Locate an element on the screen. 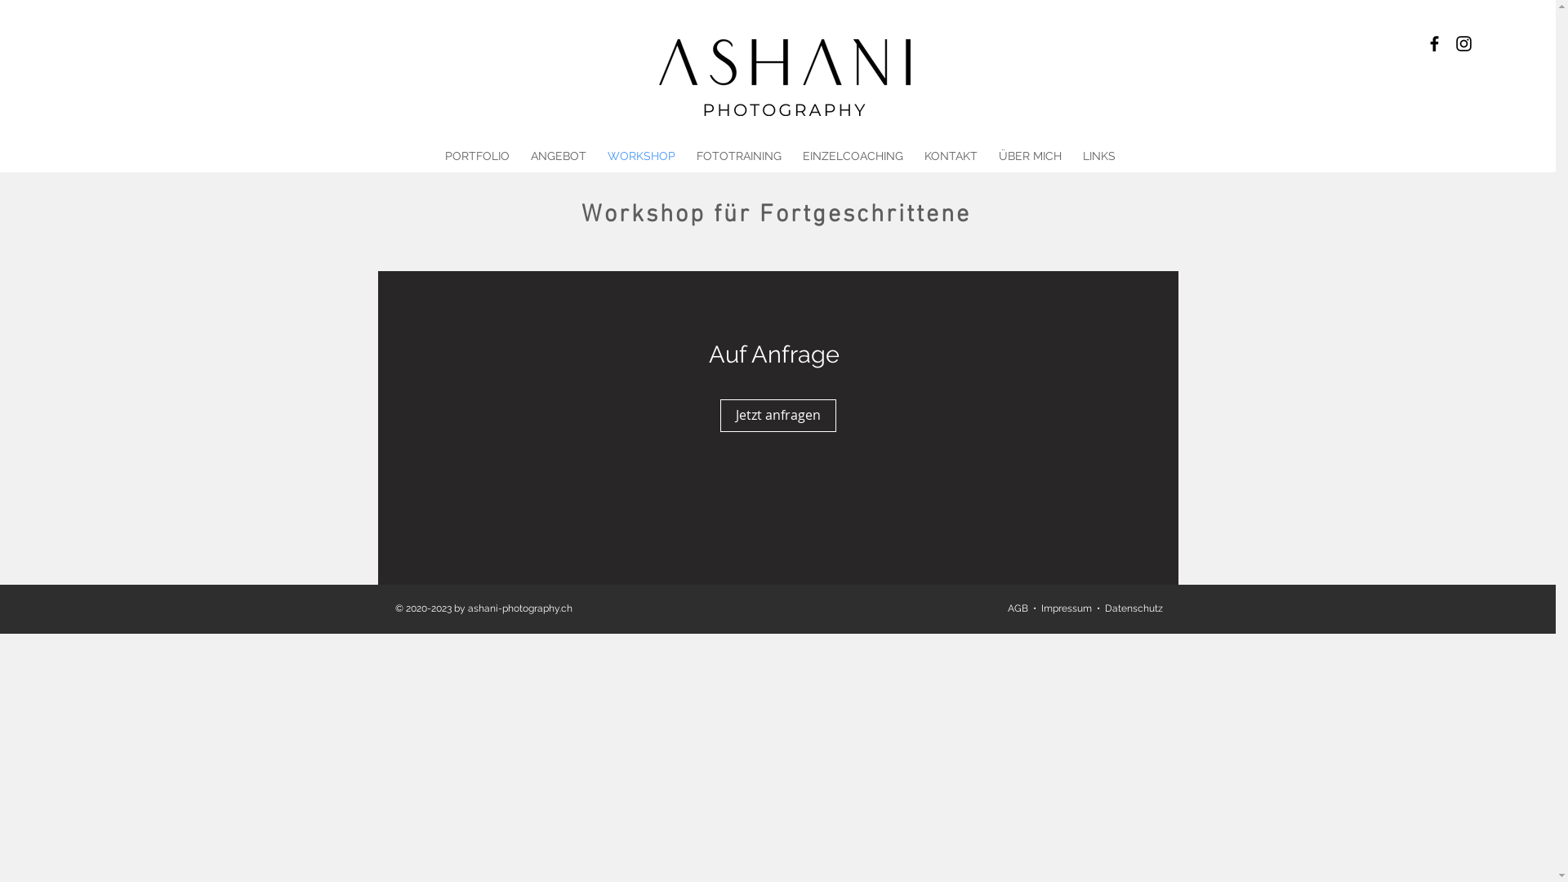  'LINKS' is located at coordinates (1098, 156).